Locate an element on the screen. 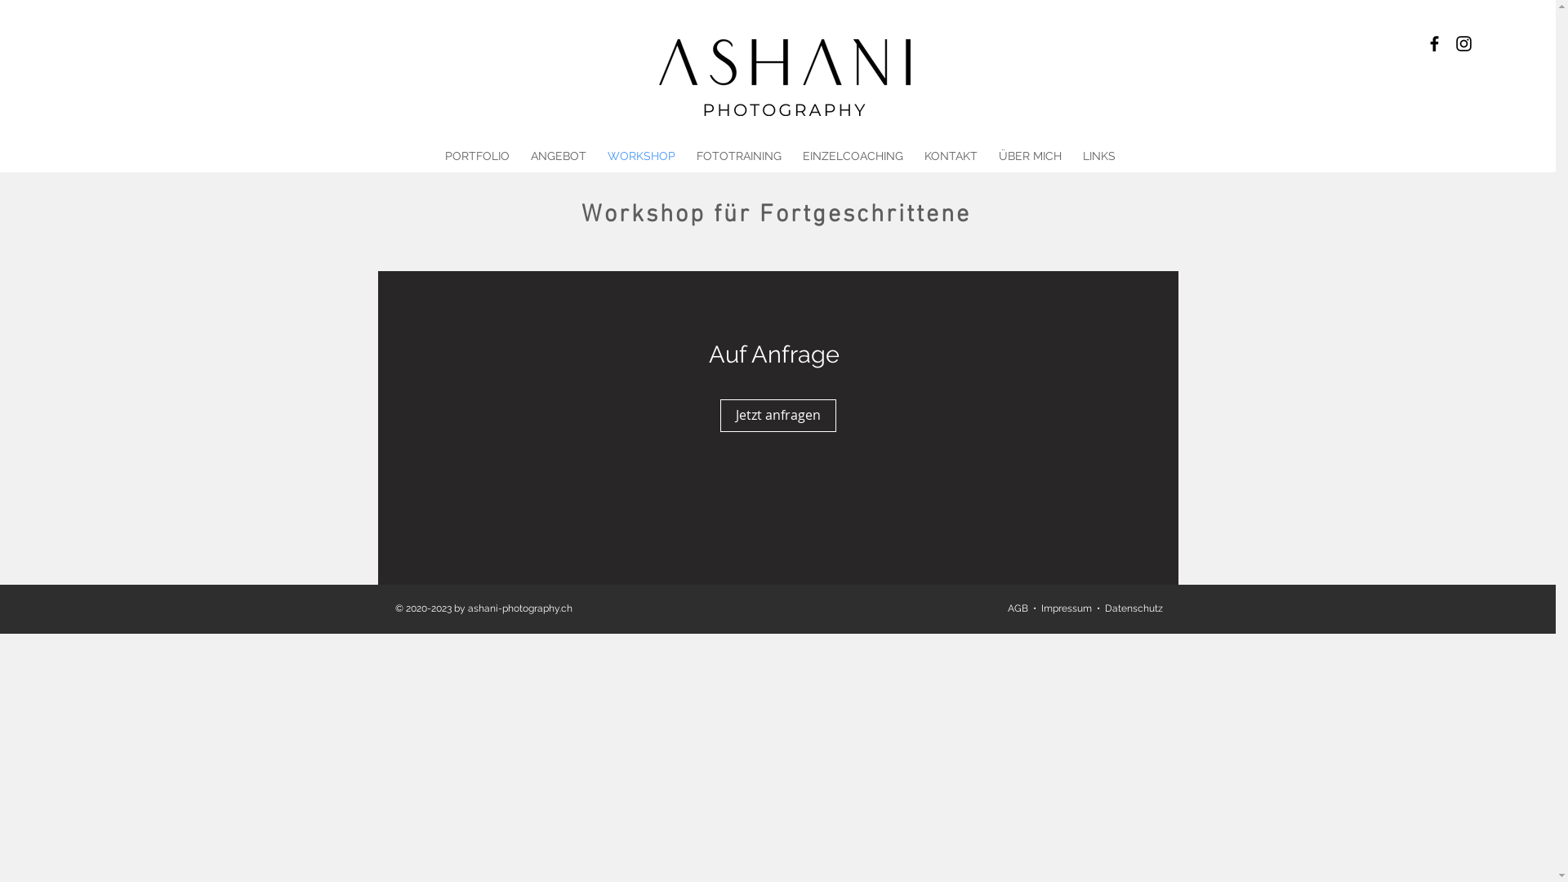  'LINKS' is located at coordinates (1098, 156).